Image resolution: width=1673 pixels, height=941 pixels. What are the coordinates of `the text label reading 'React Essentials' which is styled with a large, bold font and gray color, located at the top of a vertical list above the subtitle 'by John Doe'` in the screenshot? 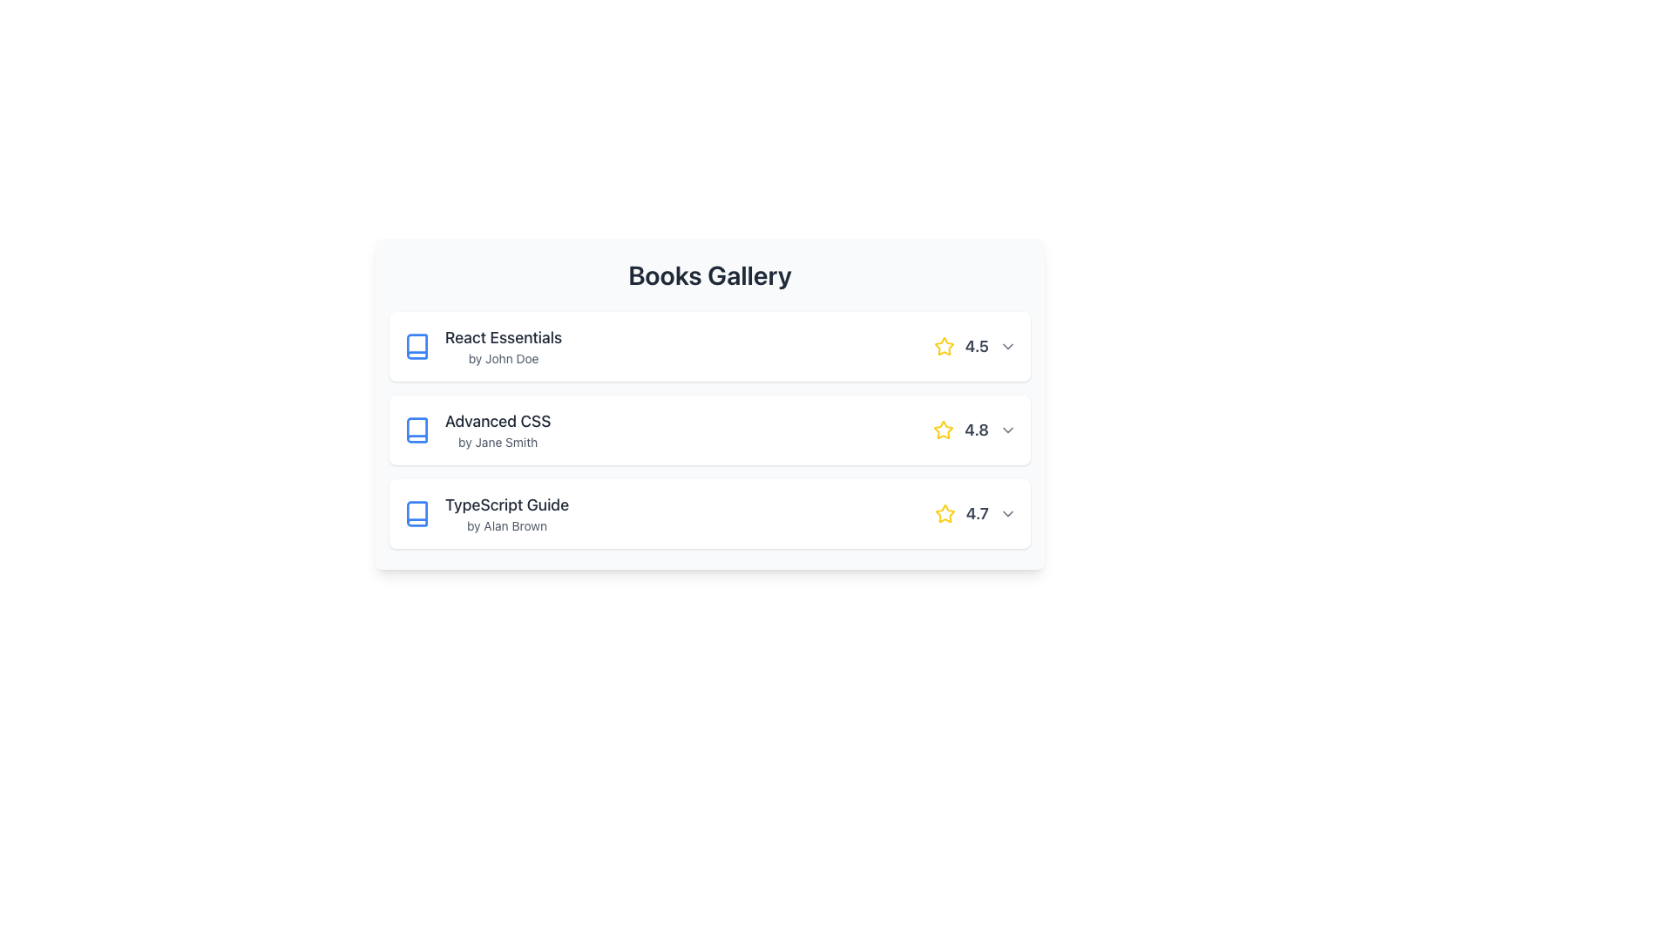 It's located at (503, 338).